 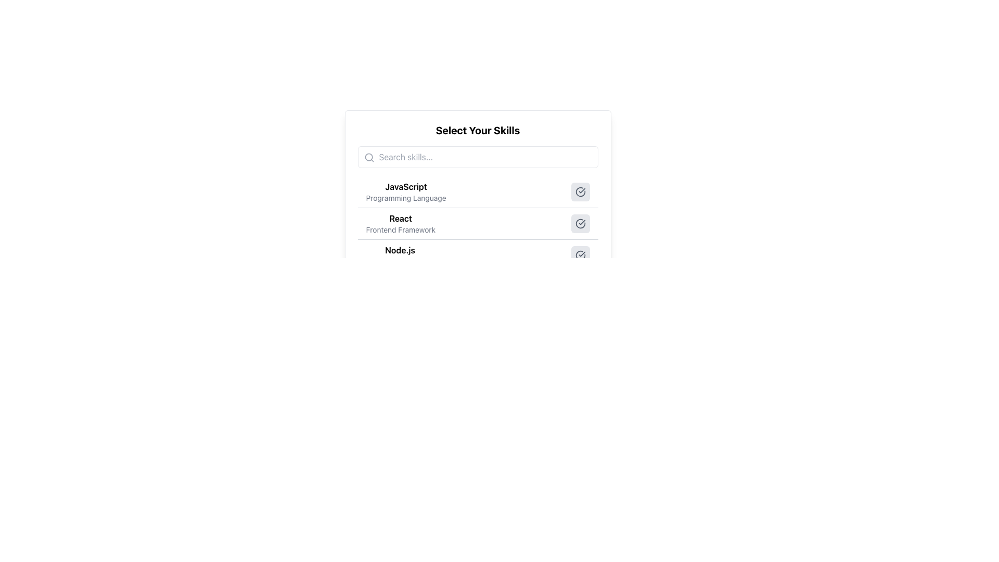 What do you see at coordinates (580, 255) in the screenshot?
I see `the rightmost icon with a circular outline and a check mark inside it, representing the 'Node.js' skill` at bounding box center [580, 255].